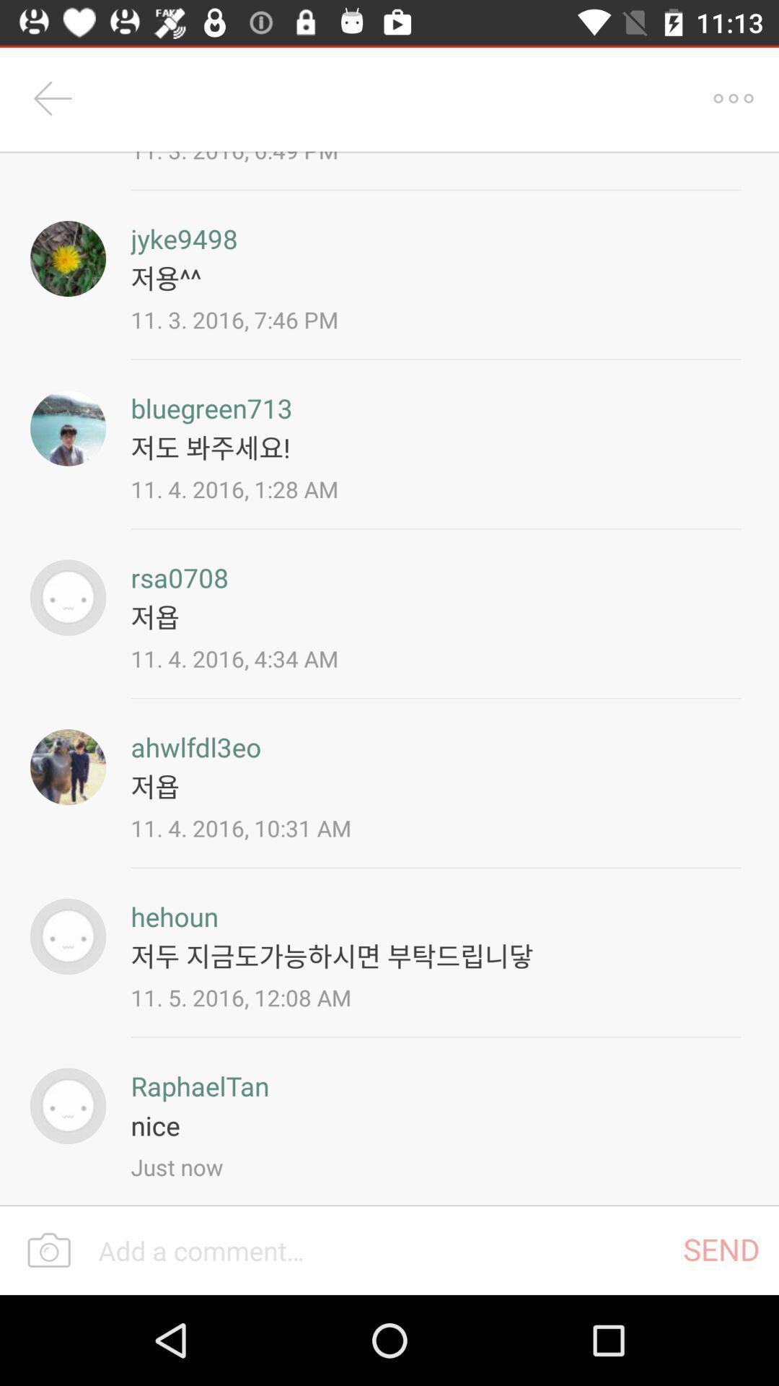 Image resolution: width=779 pixels, height=1386 pixels. What do you see at coordinates (380, 1250) in the screenshot?
I see `a comment section` at bounding box center [380, 1250].